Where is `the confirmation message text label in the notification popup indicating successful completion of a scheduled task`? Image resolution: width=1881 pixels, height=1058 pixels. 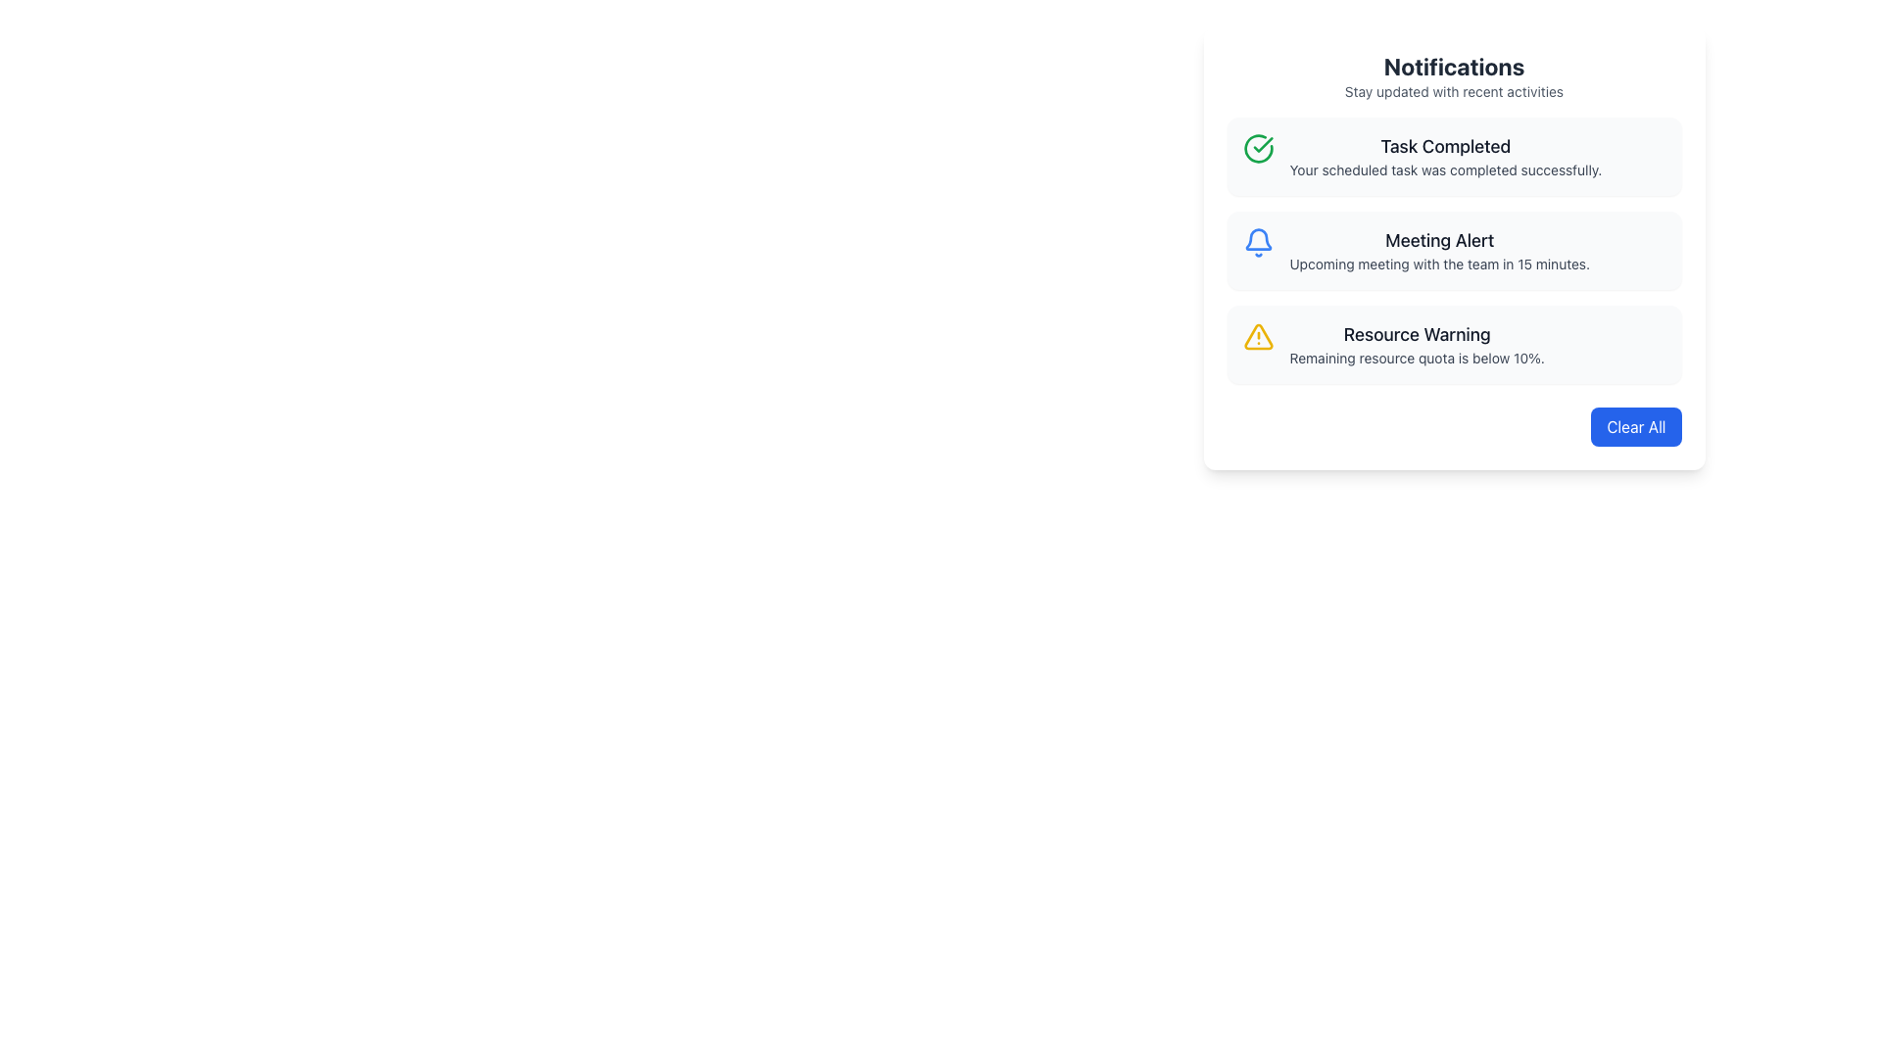 the confirmation message text label in the notification popup indicating successful completion of a scheduled task is located at coordinates (1445, 168).